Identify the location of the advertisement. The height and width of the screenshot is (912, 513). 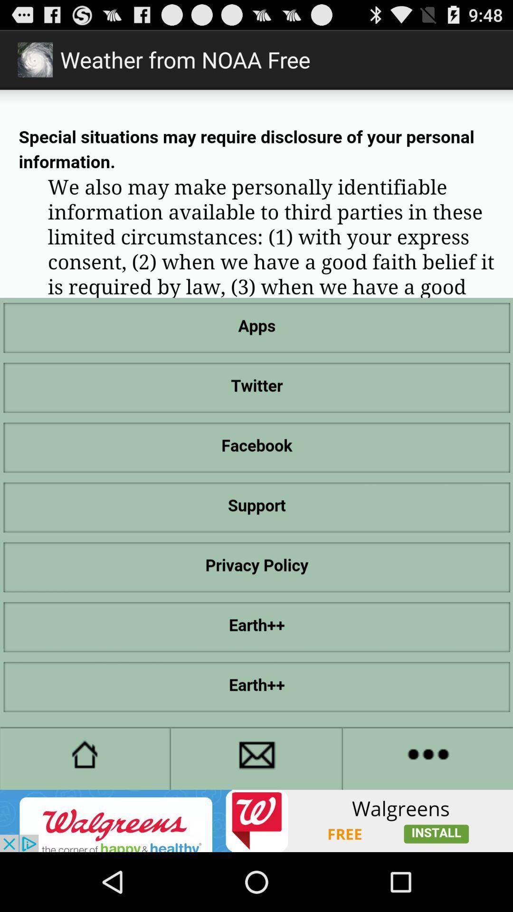
(256, 820).